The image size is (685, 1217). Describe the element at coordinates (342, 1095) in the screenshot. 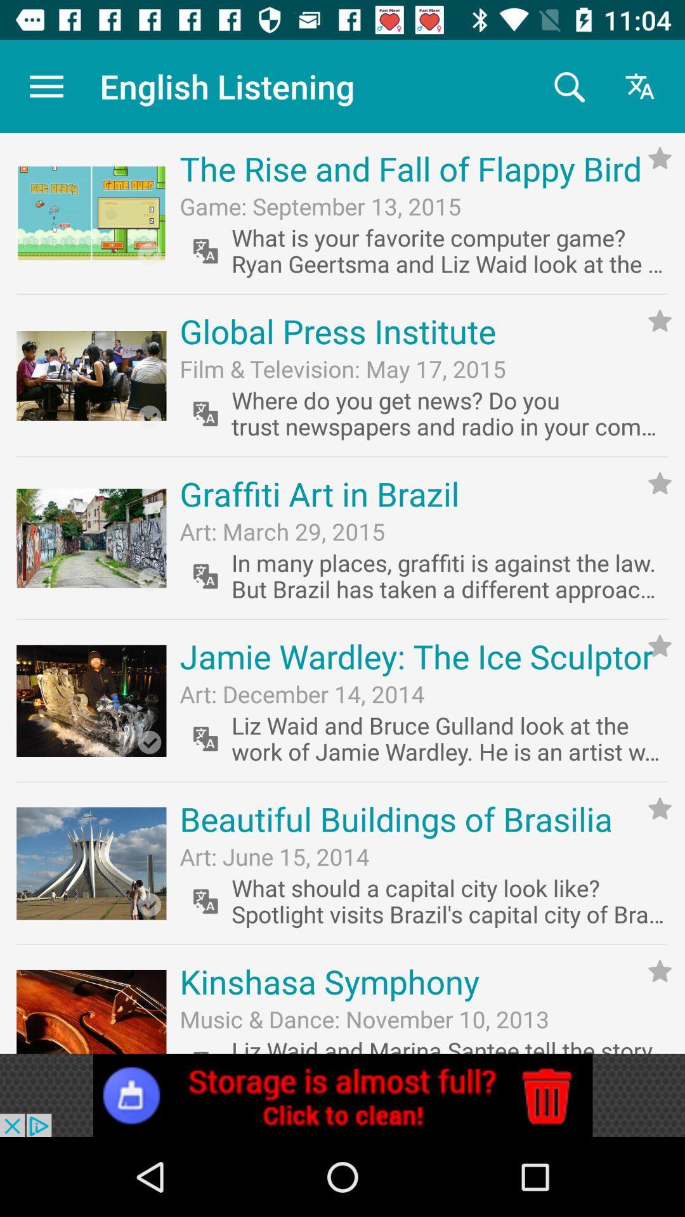

I see `banner` at that location.